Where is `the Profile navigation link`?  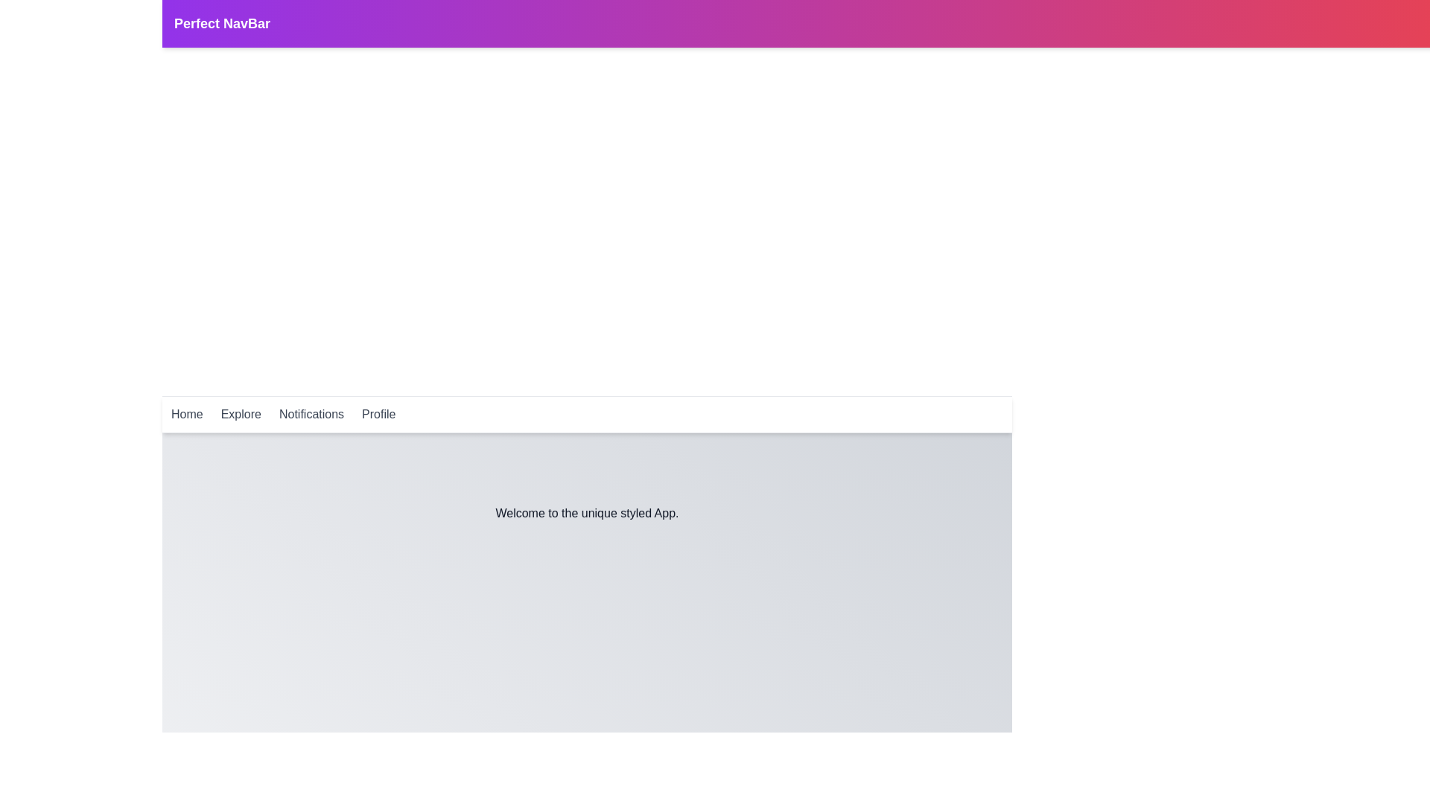 the Profile navigation link is located at coordinates (378, 414).